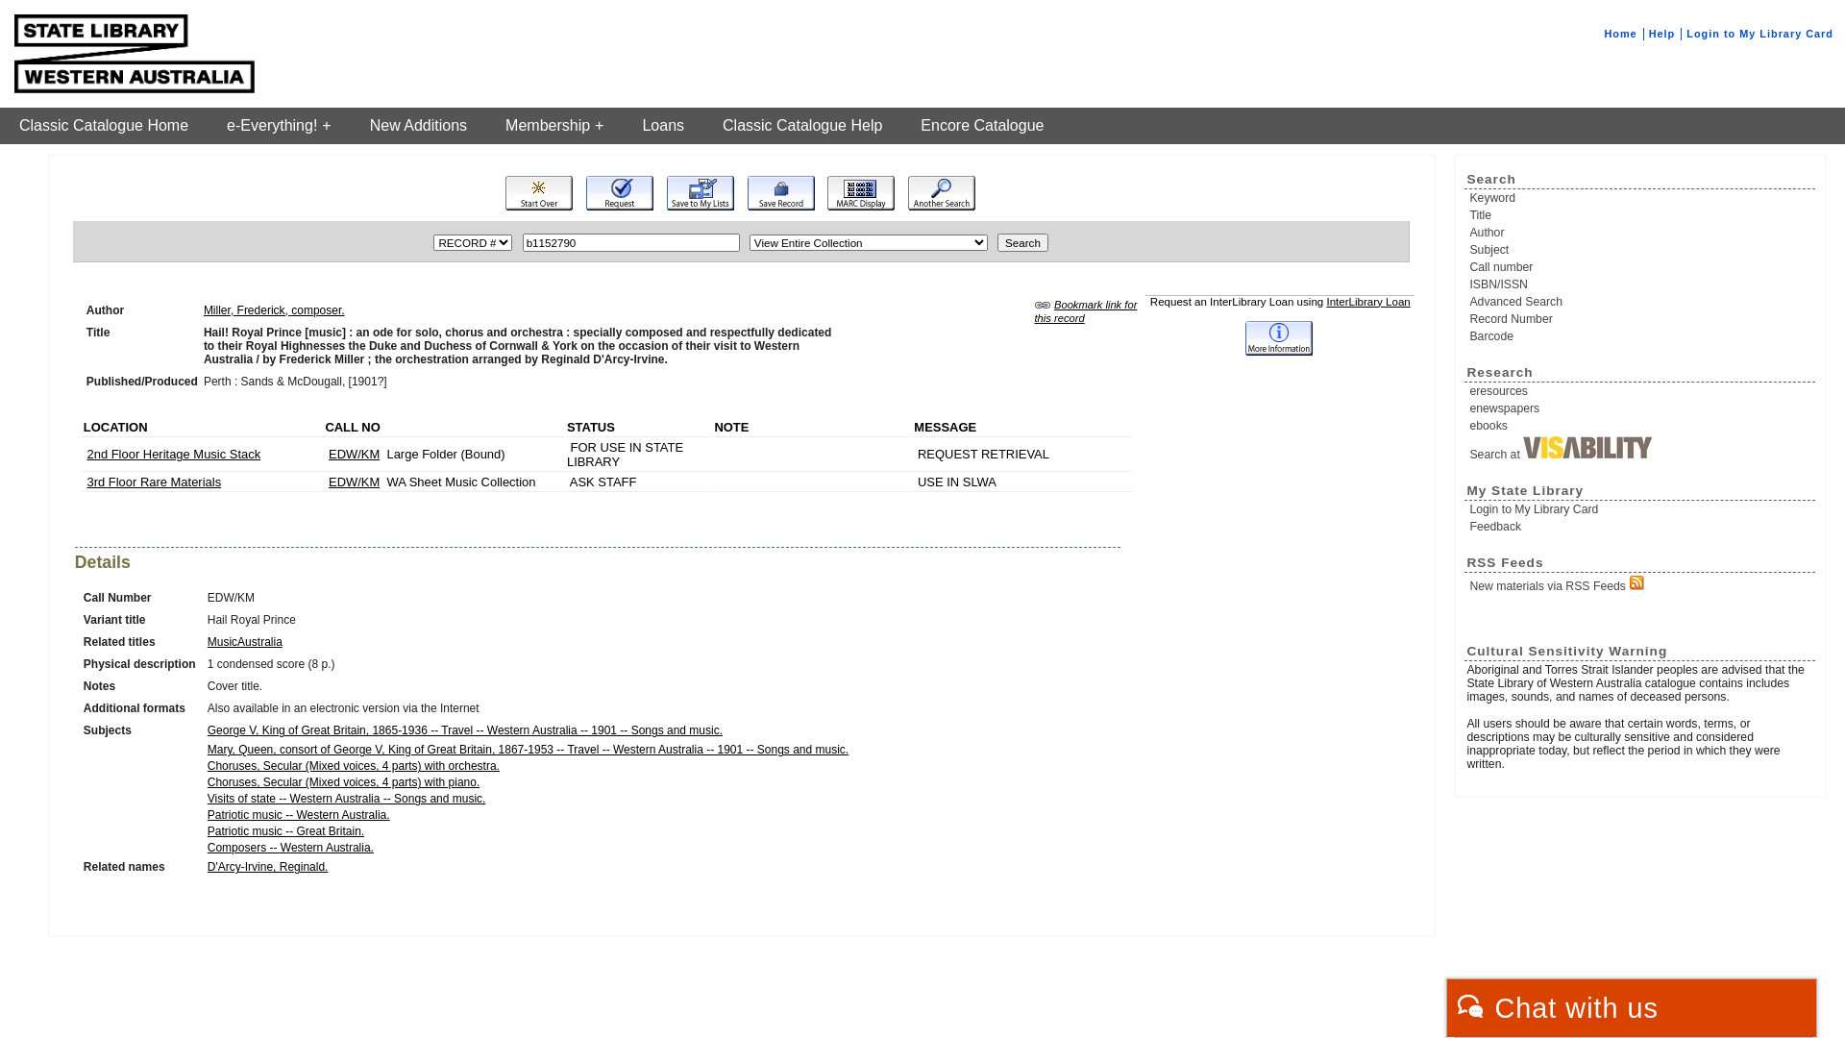 This screenshot has width=1845, height=1038. What do you see at coordinates (343, 781) in the screenshot?
I see `'Choruses, Secular (Mixed voices, 4 parts) with piano.'` at bounding box center [343, 781].